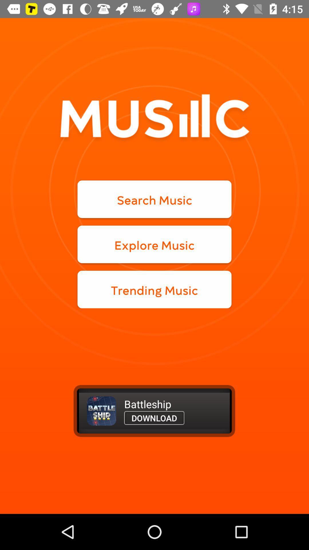 This screenshot has height=550, width=309. I want to click on the search music, so click(154, 199).